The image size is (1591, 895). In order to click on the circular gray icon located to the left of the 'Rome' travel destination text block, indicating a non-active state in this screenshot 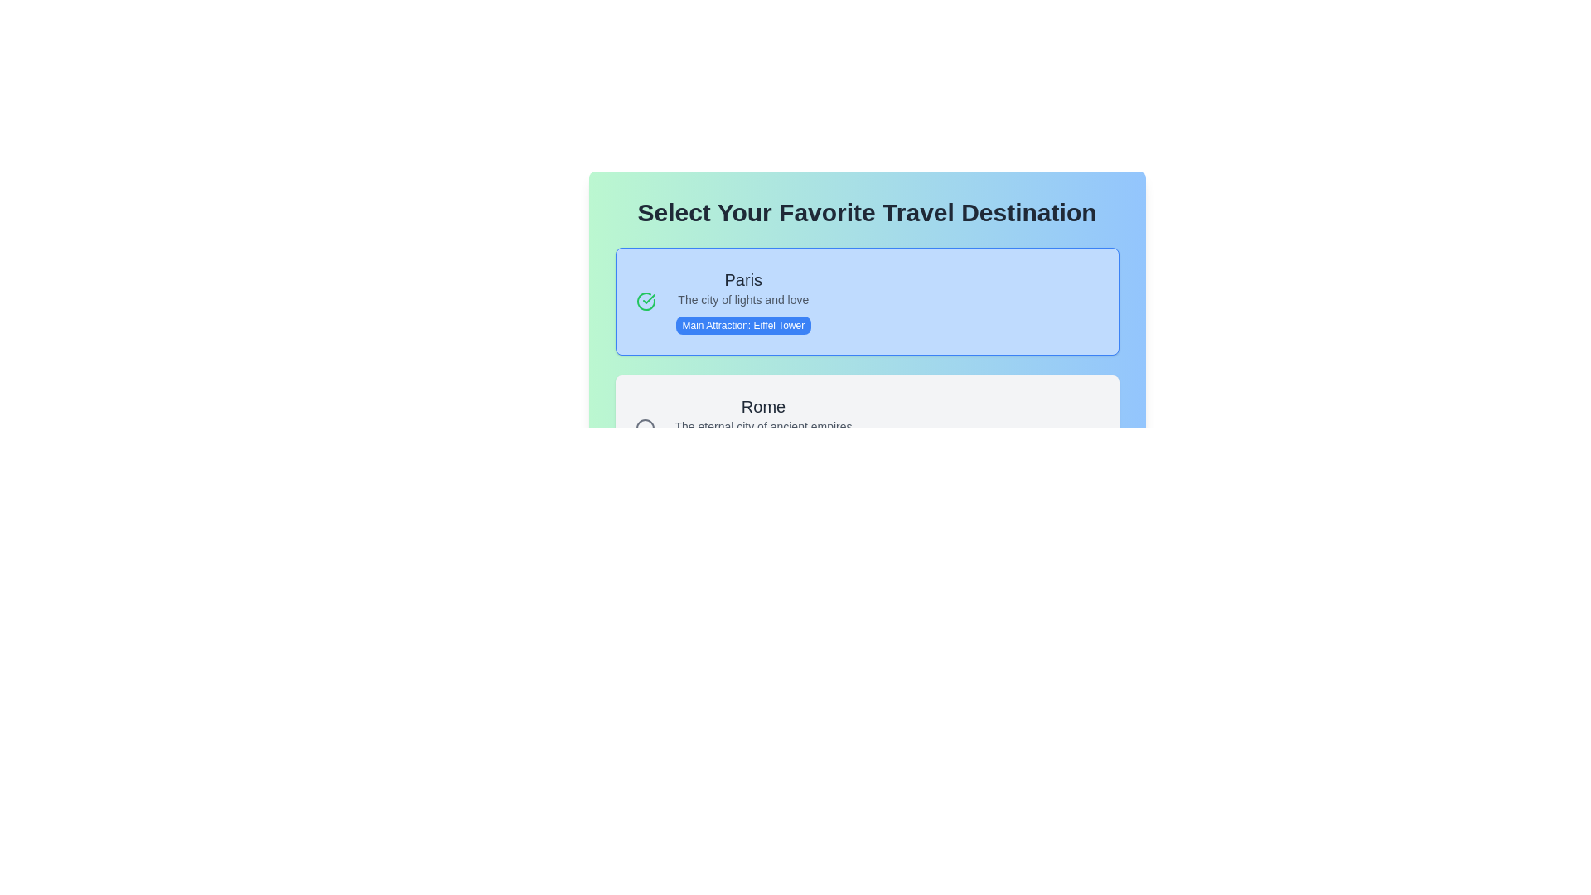, I will do `click(644, 427)`.